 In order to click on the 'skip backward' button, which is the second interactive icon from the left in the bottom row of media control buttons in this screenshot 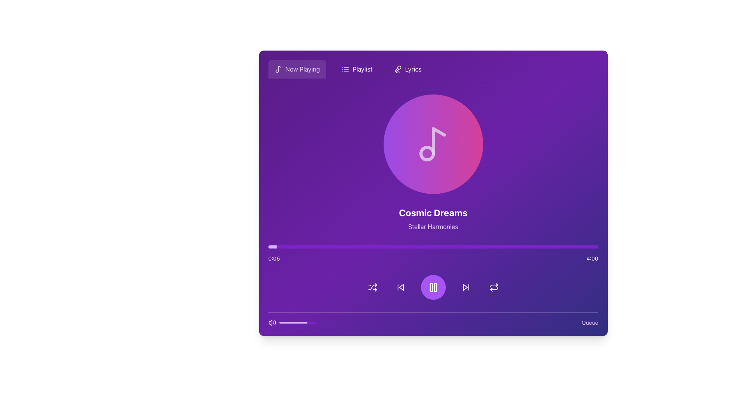, I will do `click(400, 287)`.